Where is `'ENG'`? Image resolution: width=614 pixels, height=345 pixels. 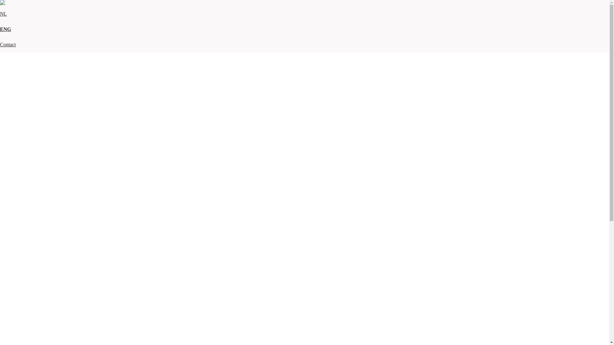 'ENG' is located at coordinates (5, 29).